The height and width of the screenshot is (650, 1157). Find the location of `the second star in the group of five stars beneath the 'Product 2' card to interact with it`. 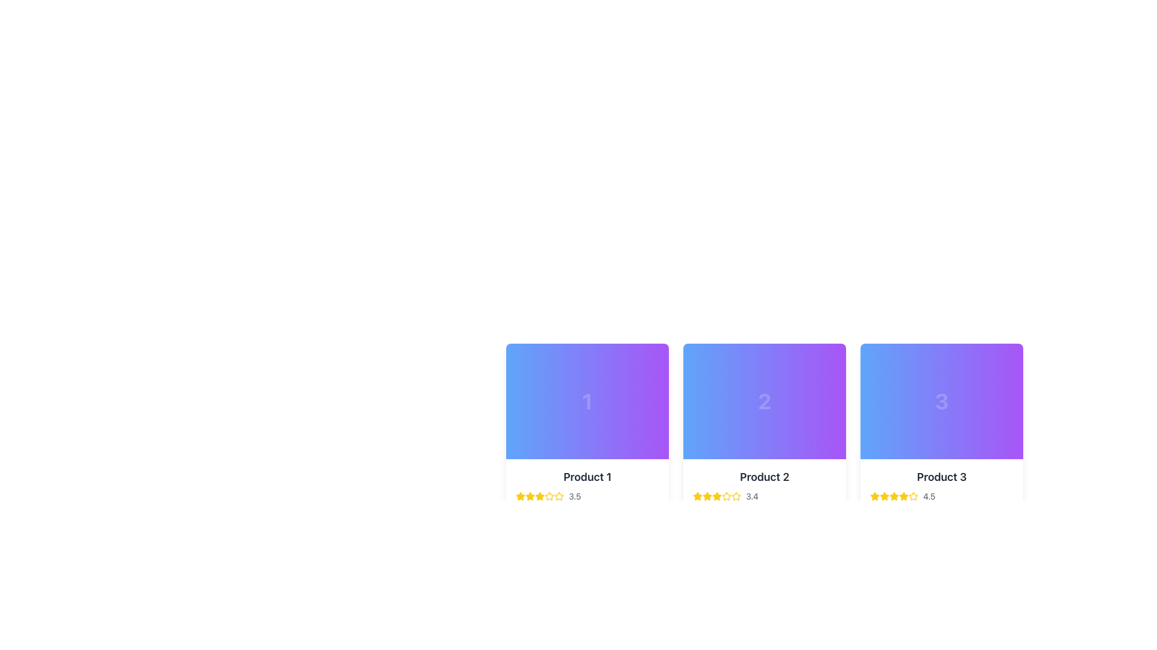

the second star in the group of five stars beneath the 'Product 2' card to interact with it is located at coordinates (707, 497).